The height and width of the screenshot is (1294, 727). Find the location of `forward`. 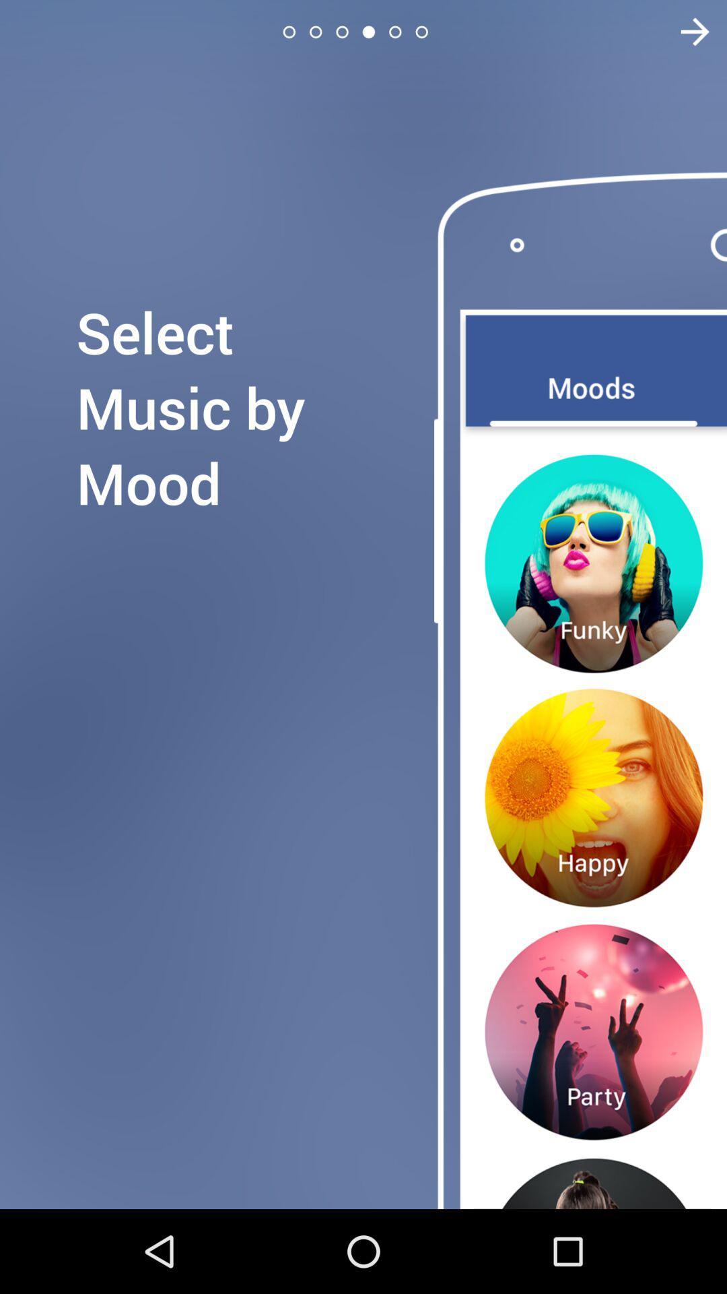

forward is located at coordinates (686, 32).